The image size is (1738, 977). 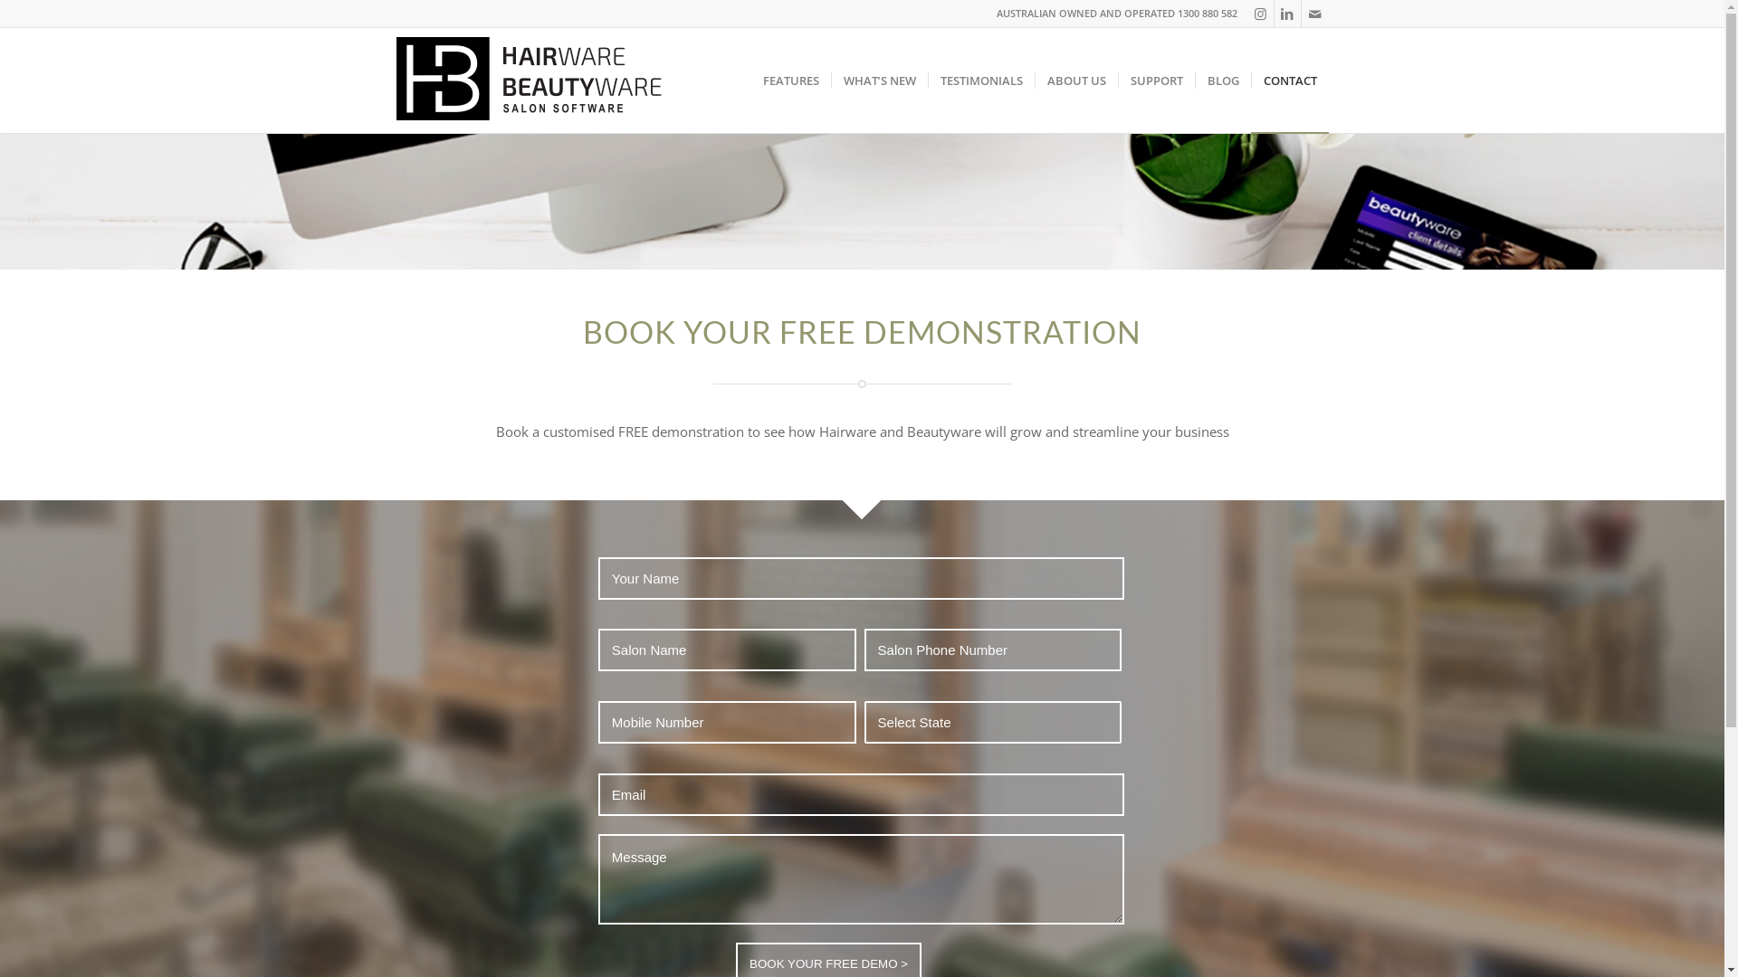 What do you see at coordinates (1250, 79) in the screenshot?
I see `'CONTACT'` at bounding box center [1250, 79].